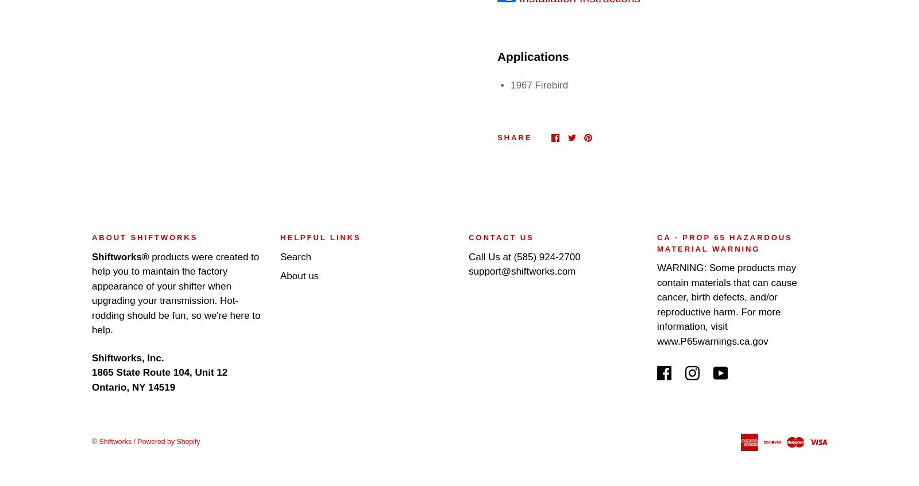 The width and height of the screenshot is (919, 486). Describe the element at coordinates (514, 137) in the screenshot. I see `'Share'` at that location.